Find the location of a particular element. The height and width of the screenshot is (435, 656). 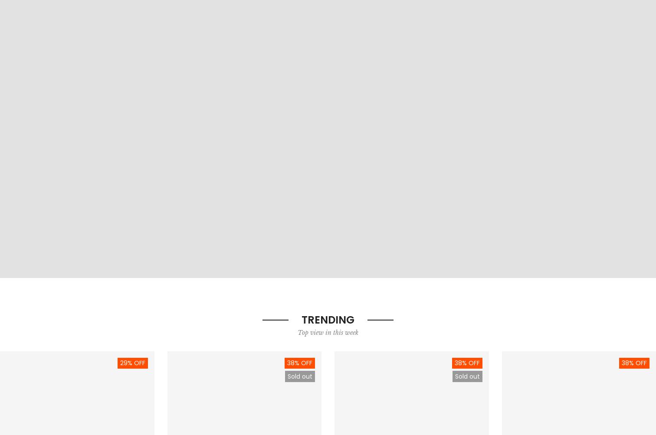

'29% OFF' is located at coordinates (119, 363).